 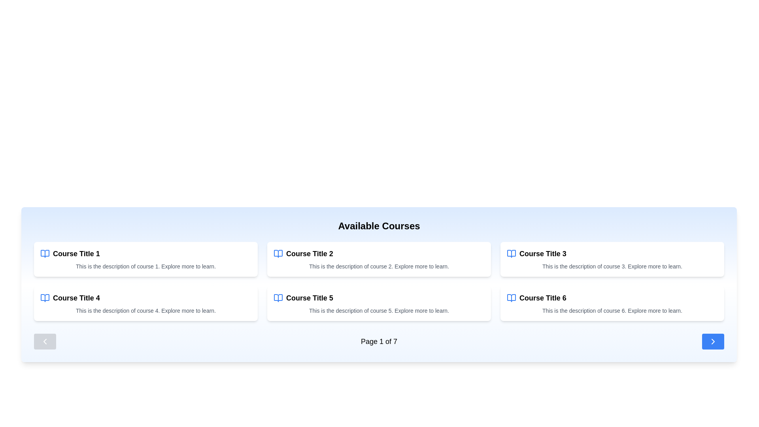 I want to click on the blue button with a rightward chevron arrow icon located on the far right side of the bottom navigation bar, so click(x=713, y=341).